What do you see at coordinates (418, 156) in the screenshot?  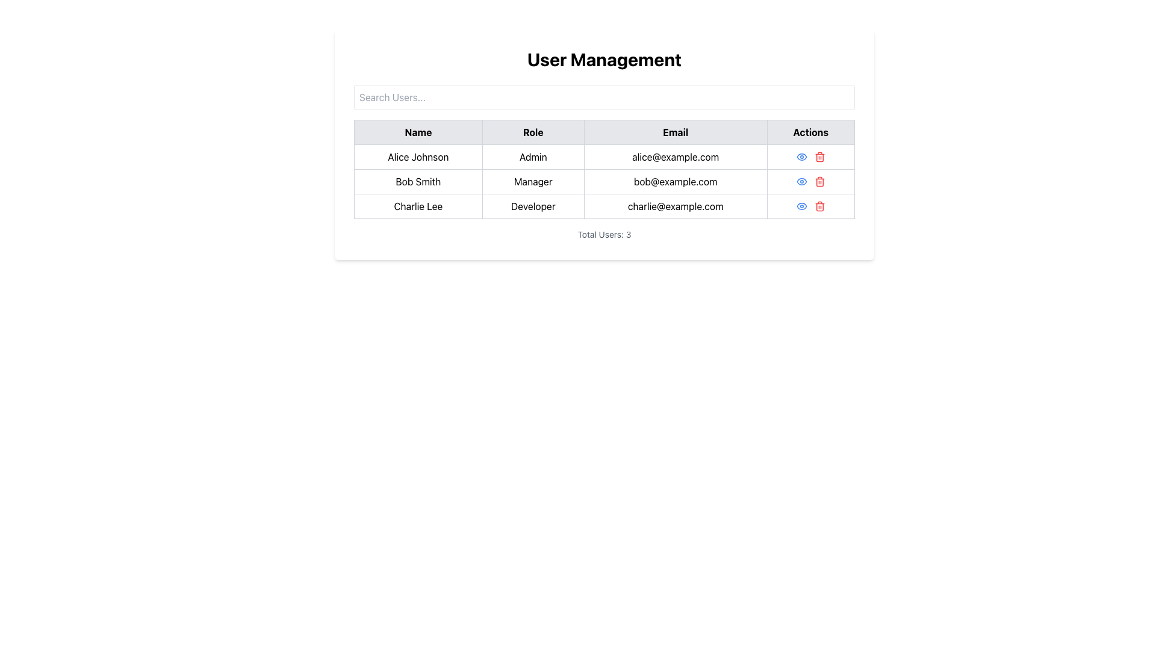 I see `the text label displaying 'Alice Johnson' in the first row and first column of the table under the 'Name' column header` at bounding box center [418, 156].